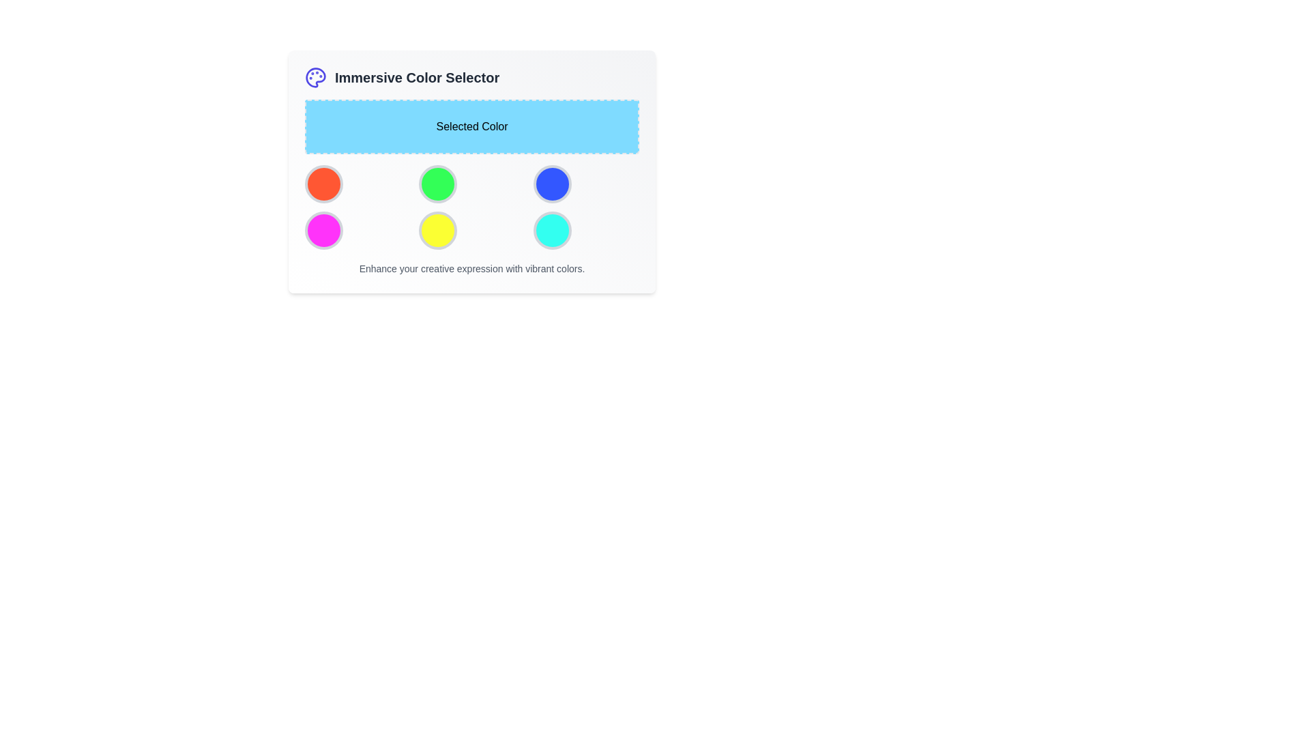  Describe the element at coordinates (323, 230) in the screenshot. I see `the interactive color choice button located in the first column of the second row of the color palette picker grid` at that location.